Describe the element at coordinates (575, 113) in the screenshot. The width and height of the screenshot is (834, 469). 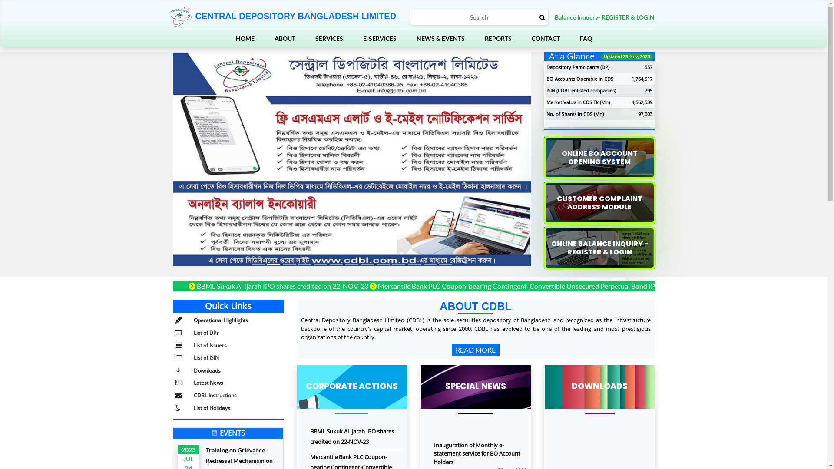
I see `'No. of Shares in CDS (Mn)'` at that location.